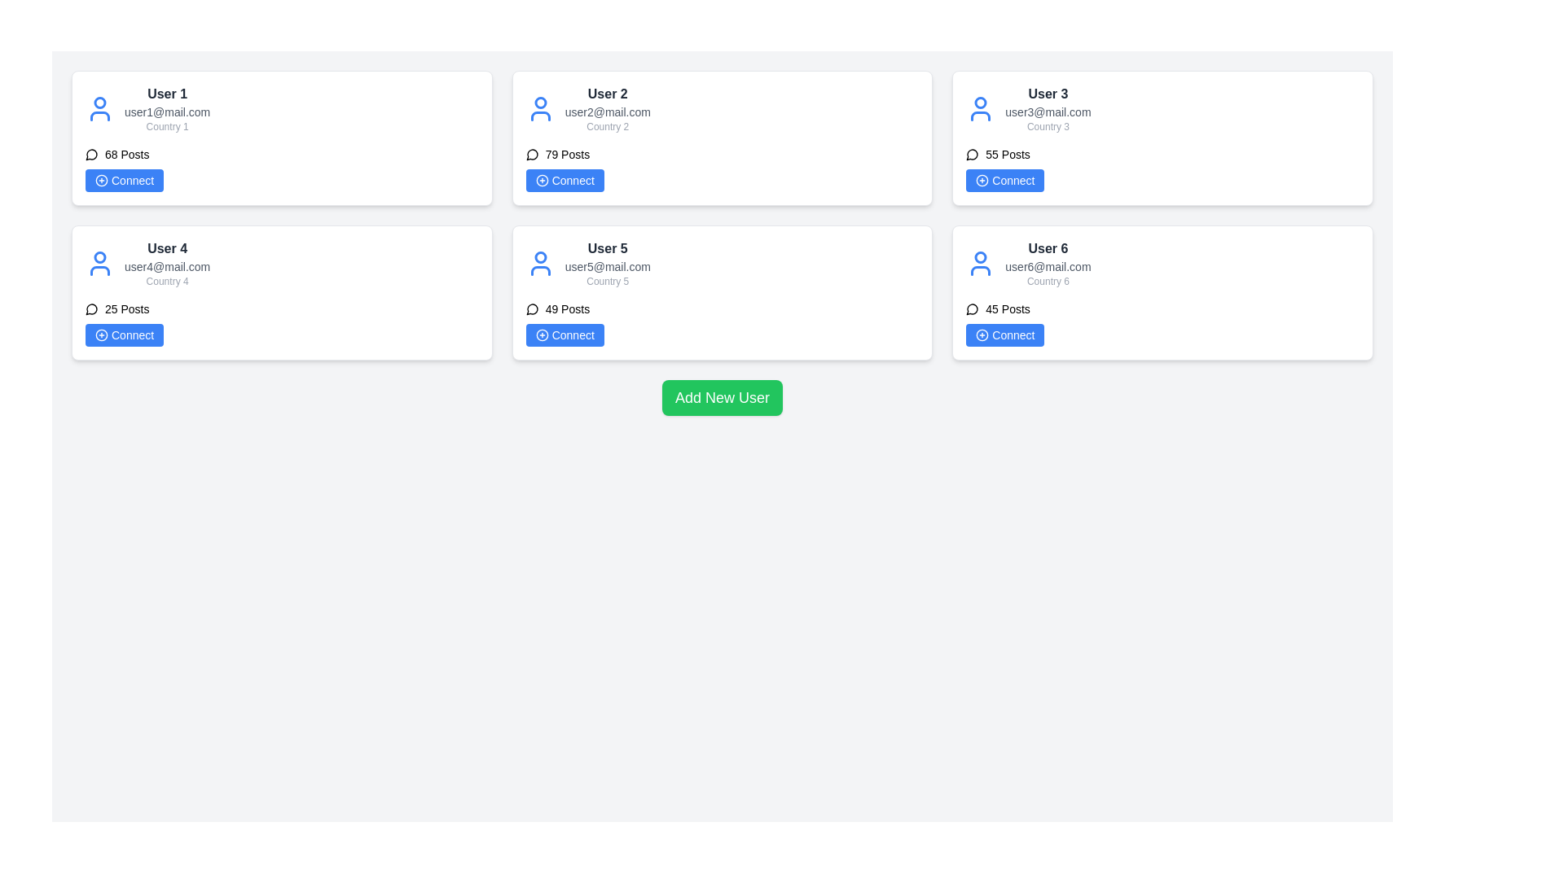  I want to click on the username text label located at the top of the card in the top-right corner of the display, which is above the email and location details, so click(1048, 94).